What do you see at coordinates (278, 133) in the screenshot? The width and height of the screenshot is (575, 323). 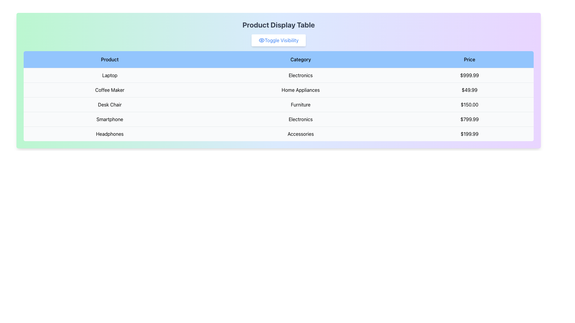 I see `the last row` at bounding box center [278, 133].